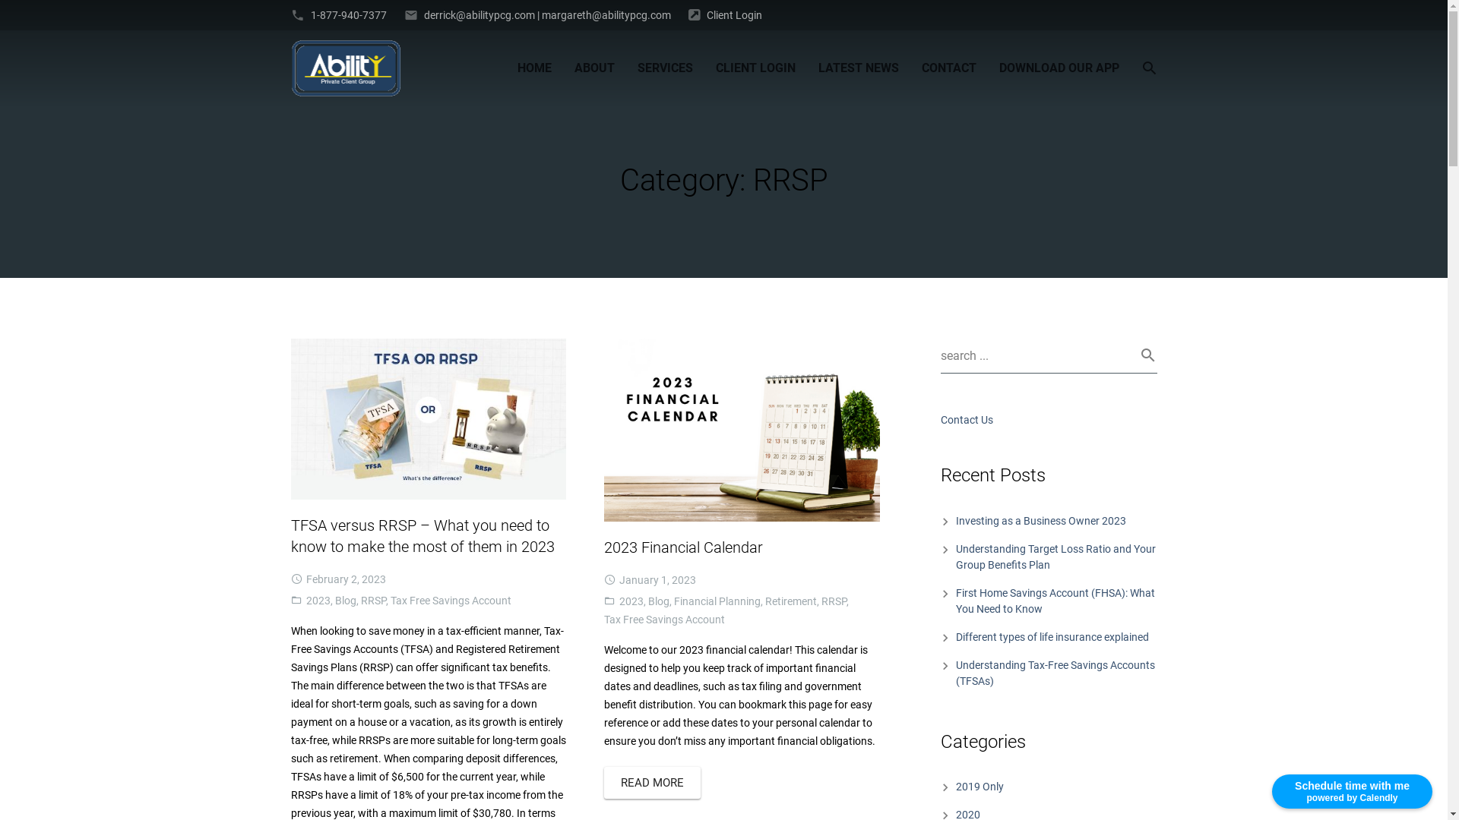 The height and width of the screenshot is (820, 1459). What do you see at coordinates (631, 600) in the screenshot?
I see `'2023'` at bounding box center [631, 600].